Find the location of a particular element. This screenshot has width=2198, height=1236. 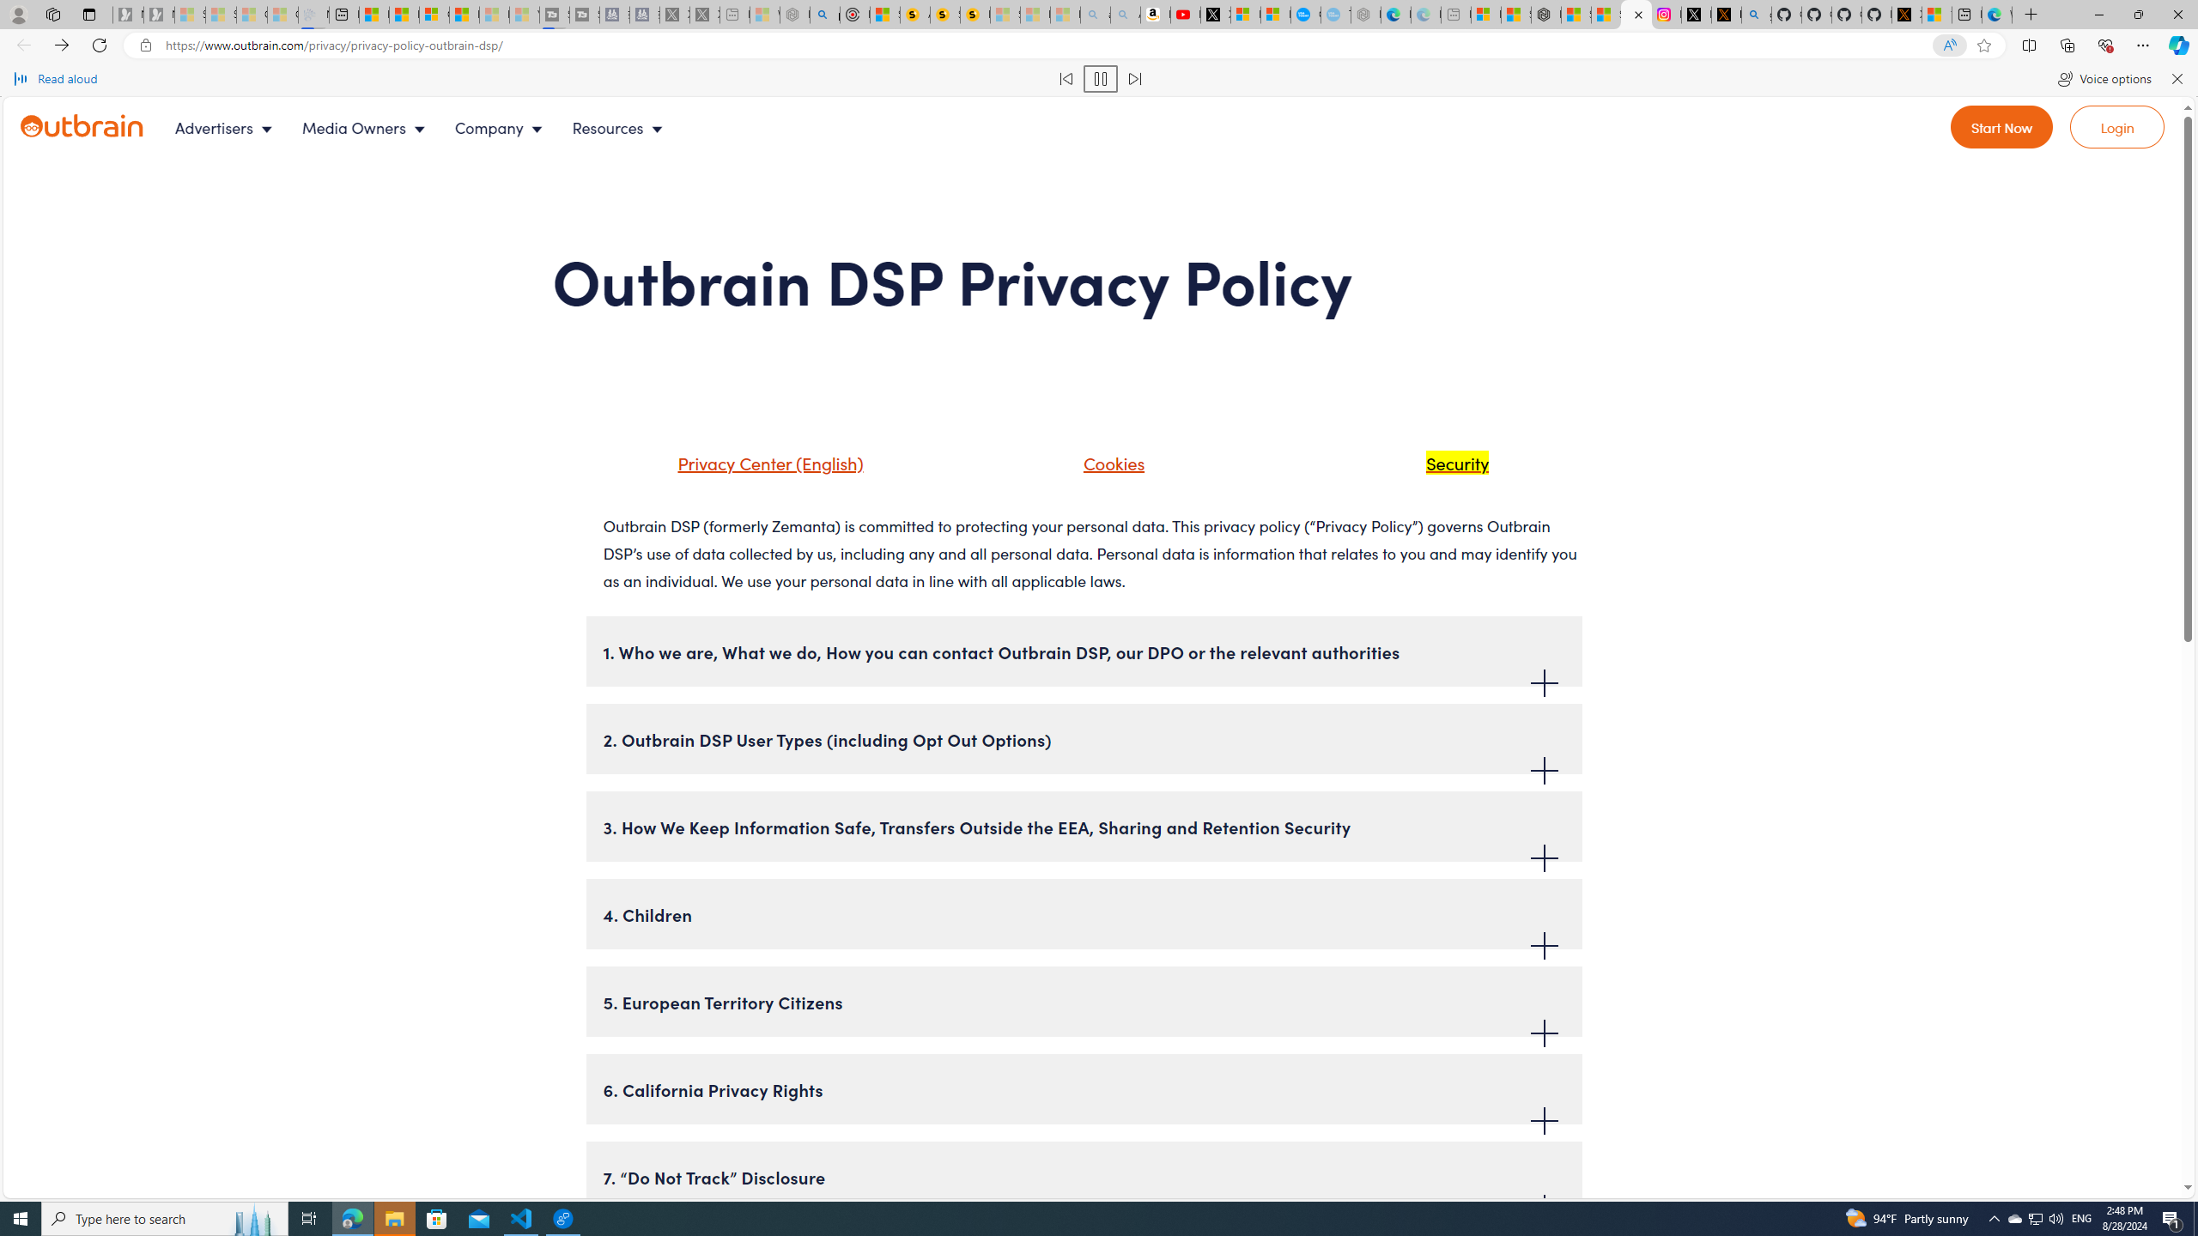

'Shanghai, China Weather trends | Microsoft Weather' is located at coordinates (1606, 14).